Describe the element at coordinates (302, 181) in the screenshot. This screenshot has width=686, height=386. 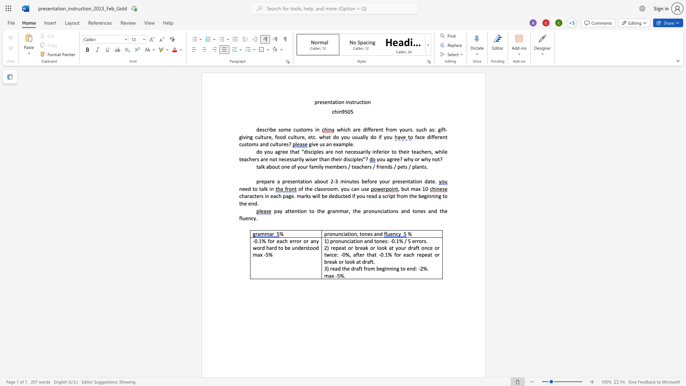
I see `the space between the continuous character "a" and "t" in the text` at that location.